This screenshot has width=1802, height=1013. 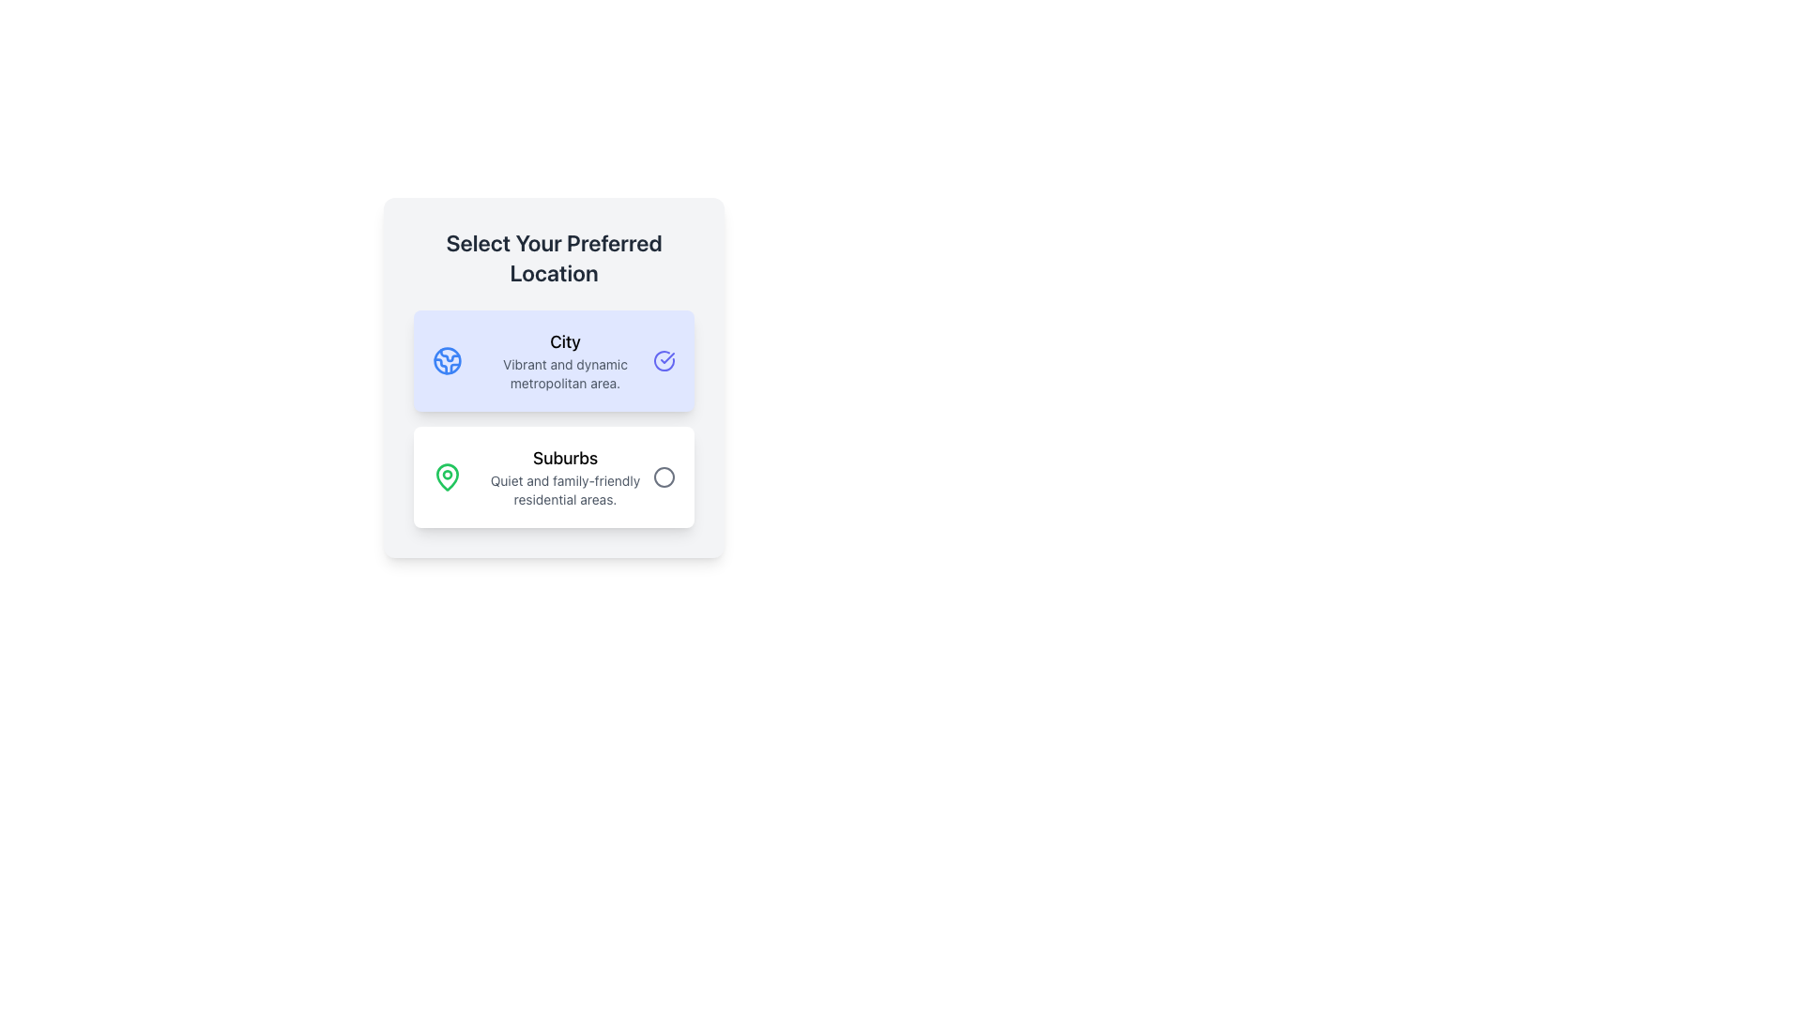 What do you see at coordinates (553, 257) in the screenshot?
I see `the 'Select Your Preferred Location' text heading from its current position` at bounding box center [553, 257].